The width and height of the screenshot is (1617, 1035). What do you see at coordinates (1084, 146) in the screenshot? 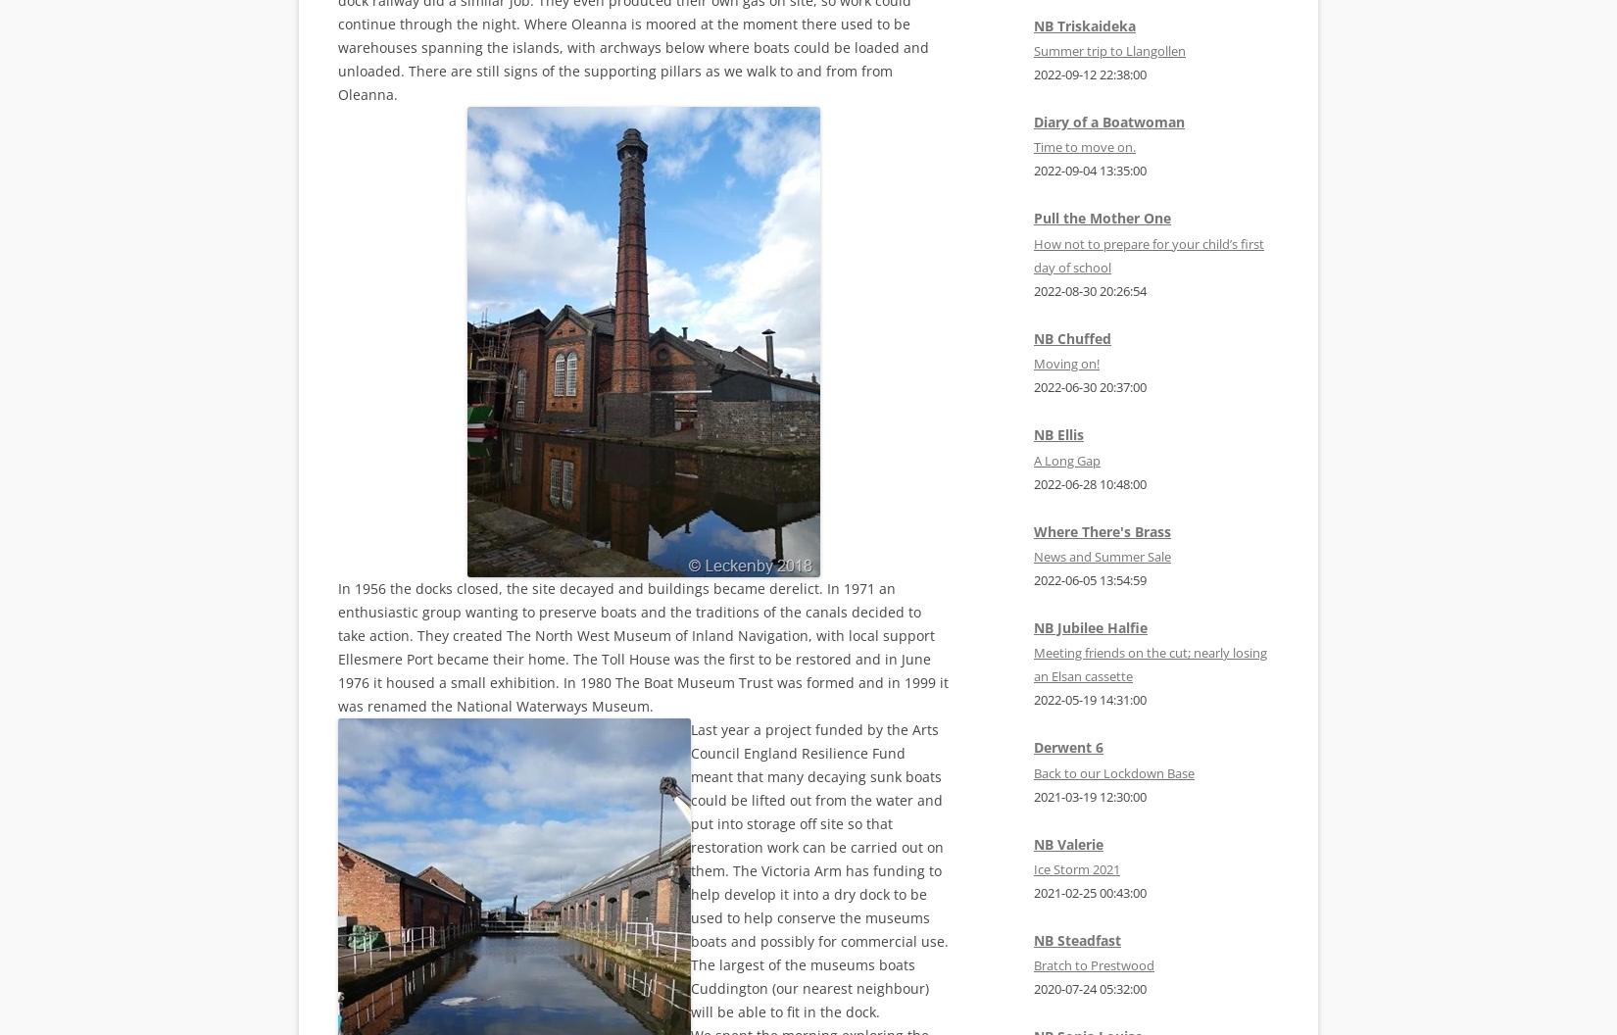
I see `'Time to move on.'` at bounding box center [1084, 146].